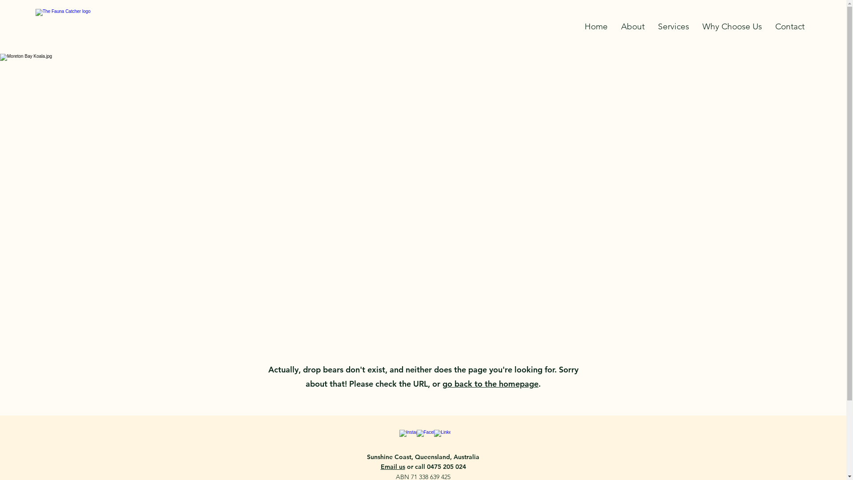 This screenshot has height=480, width=853. Describe the element at coordinates (789, 26) in the screenshot. I see `'Contact'` at that location.